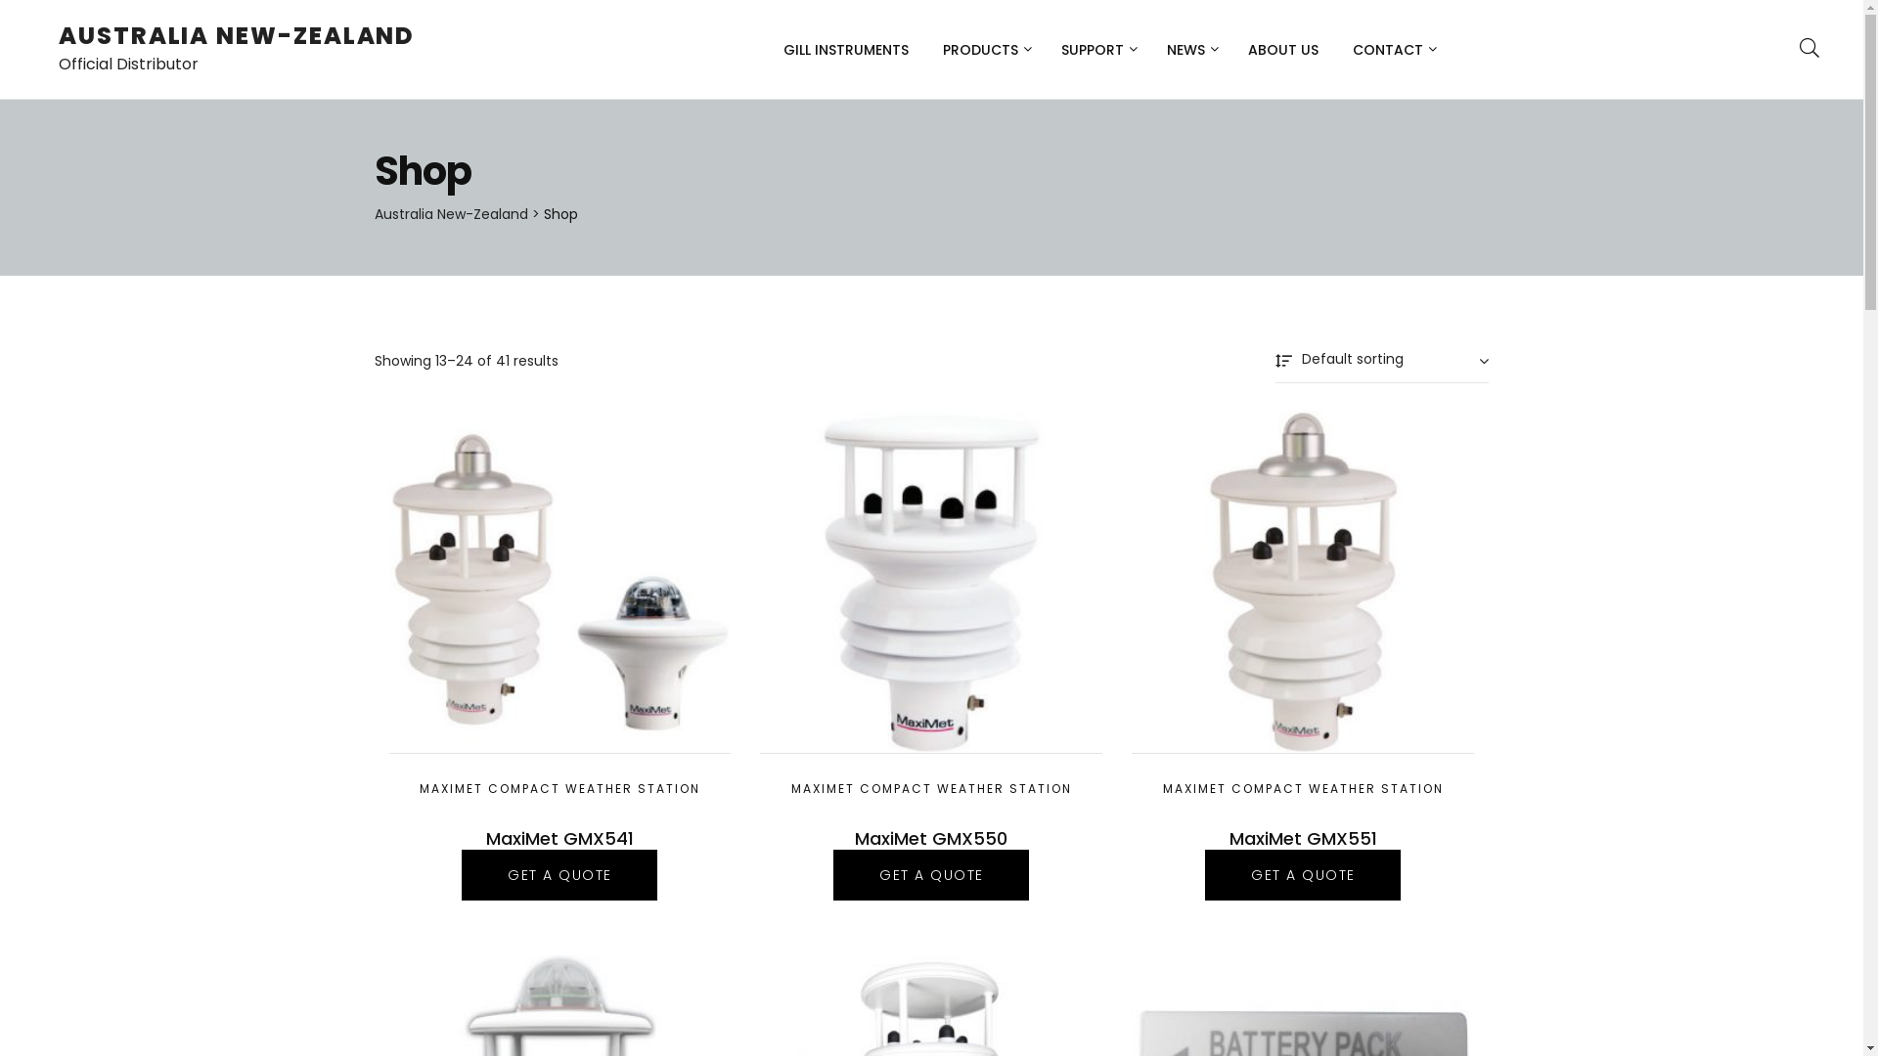  What do you see at coordinates (1163, 787) in the screenshot?
I see `'MAXIMET COMPACT WEATHER STATION'` at bounding box center [1163, 787].